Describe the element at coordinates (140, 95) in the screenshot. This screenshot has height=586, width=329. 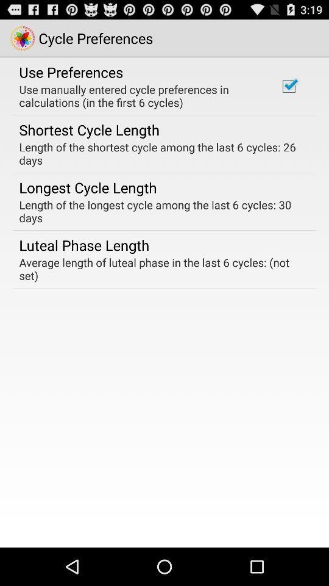
I see `the item above the shortest cycle length` at that location.